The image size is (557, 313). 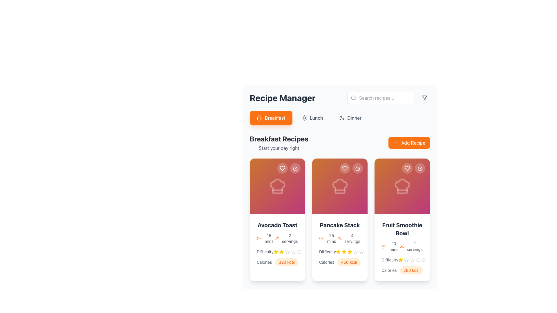 I want to click on the Text Label that describes the difficulty of the 'Fruit Smoothie Bowl' recipe, located above the star rating component, so click(x=390, y=260).